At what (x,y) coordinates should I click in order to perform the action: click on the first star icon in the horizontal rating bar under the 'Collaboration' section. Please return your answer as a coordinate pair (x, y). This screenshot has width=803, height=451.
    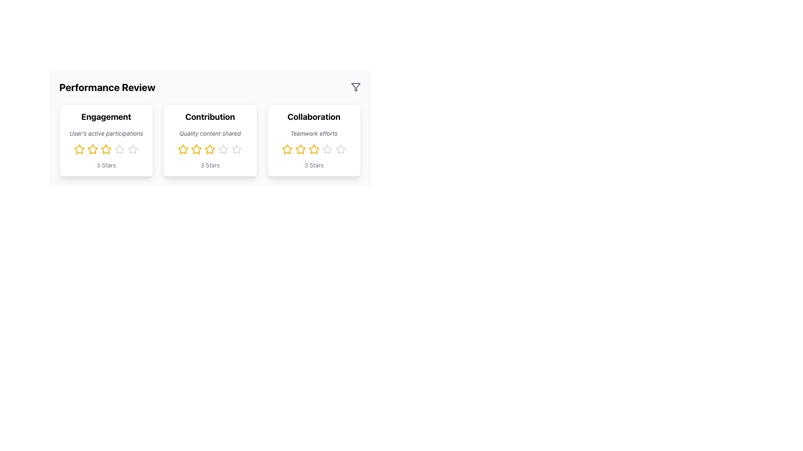
    Looking at the image, I should click on (287, 149).